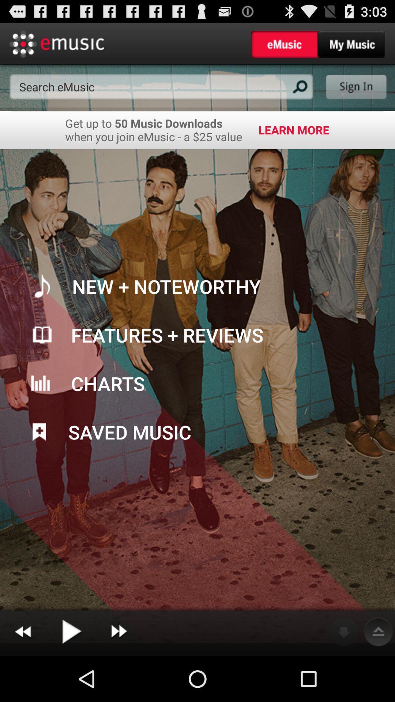  What do you see at coordinates (118, 631) in the screenshot?
I see `the option beside pause or resume button` at bounding box center [118, 631].